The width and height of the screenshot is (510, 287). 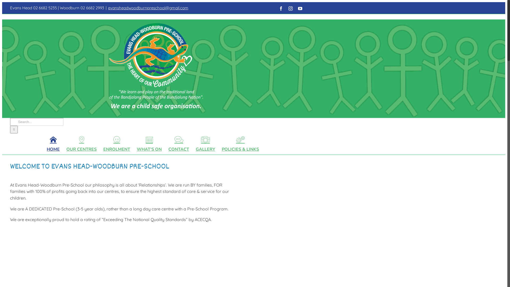 What do you see at coordinates (280, 8) in the screenshot?
I see `'Facebook'` at bounding box center [280, 8].